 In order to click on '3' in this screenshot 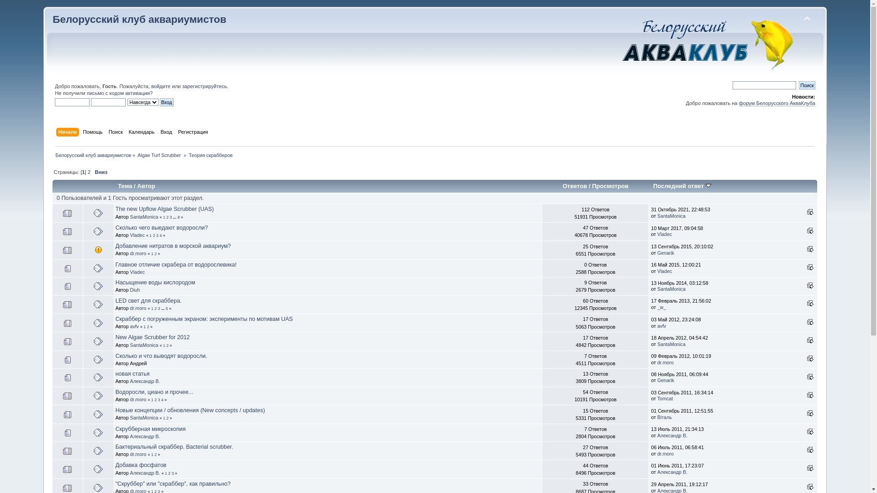, I will do `click(159, 399)`.